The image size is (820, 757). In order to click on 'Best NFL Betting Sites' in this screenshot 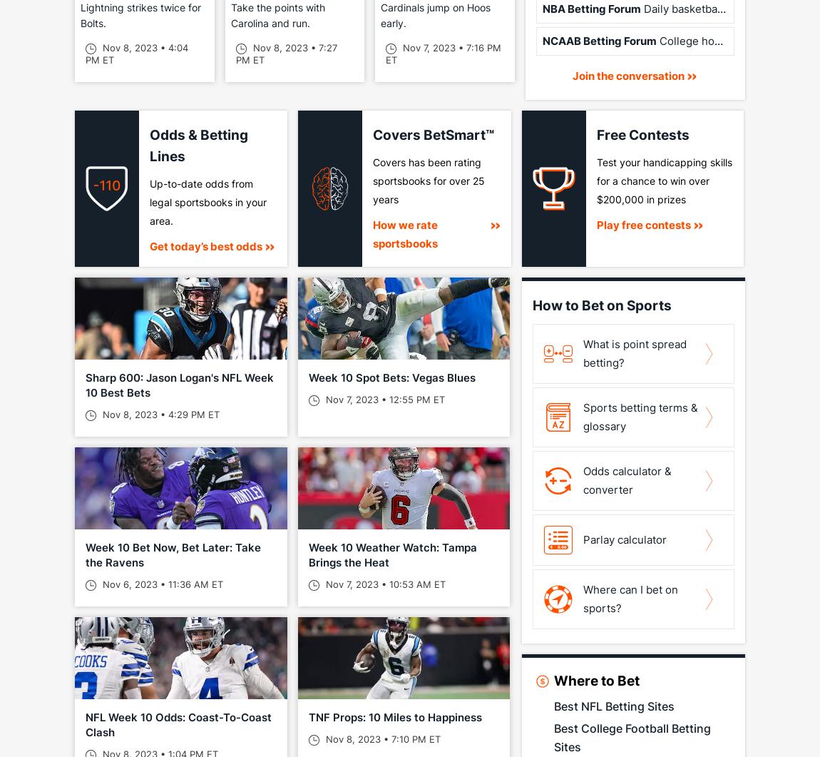, I will do `click(613, 706)`.